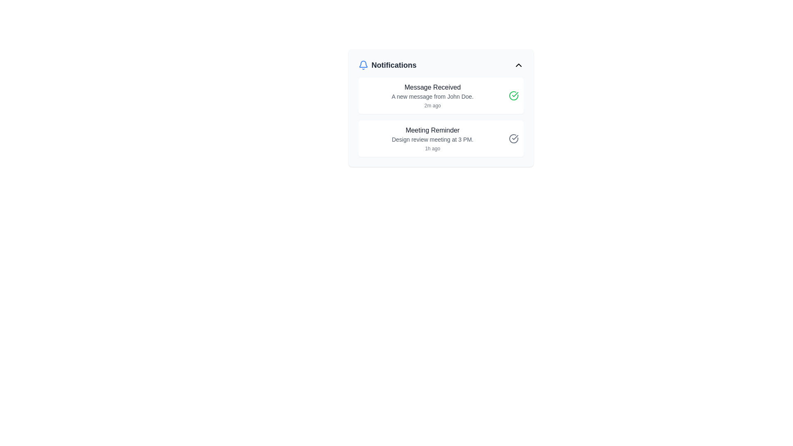 This screenshot has height=446, width=793. Describe the element at coordinates (432, 95) in the screenshot. I see `the list item that displays a newly received message, which includes the message's subject, sender, and timestamp, located in a white rectangular card with rounded corners in the notification interface` at that location.